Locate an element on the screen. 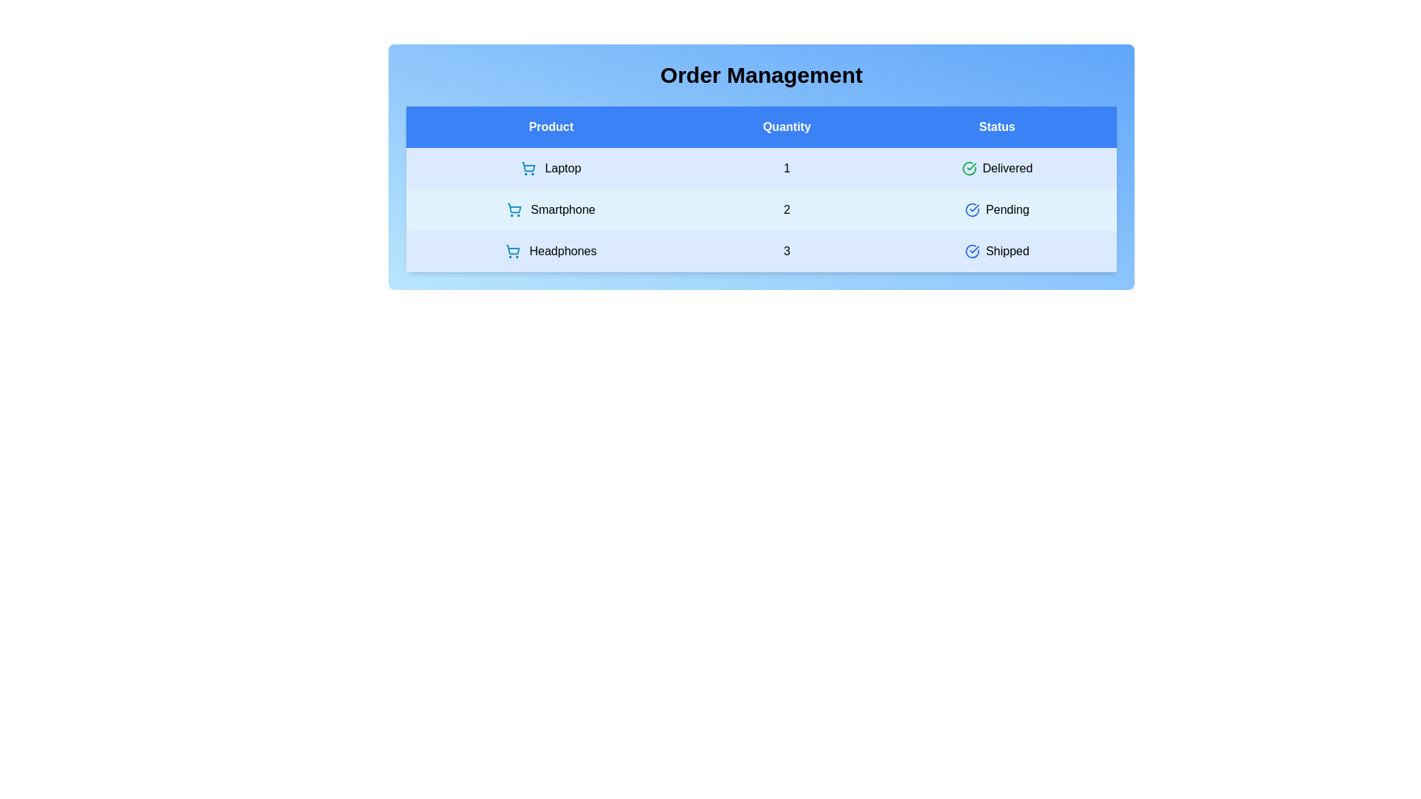 The image size is (1421, 799). the quantity cell corresponding to Laptop to edit its value is located at coordinates (786, 167).